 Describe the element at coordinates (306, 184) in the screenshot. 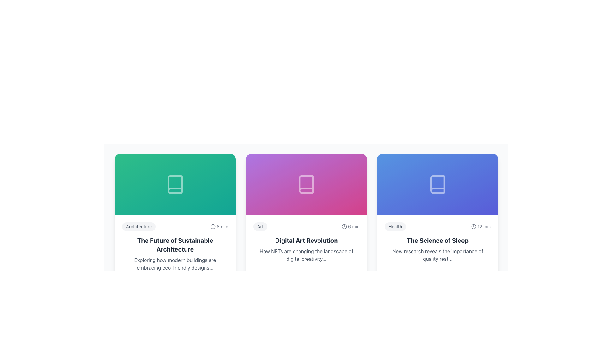

I see `the decorative visual header with an icon in the card titled 'Digital Art Revolution'` at that location.